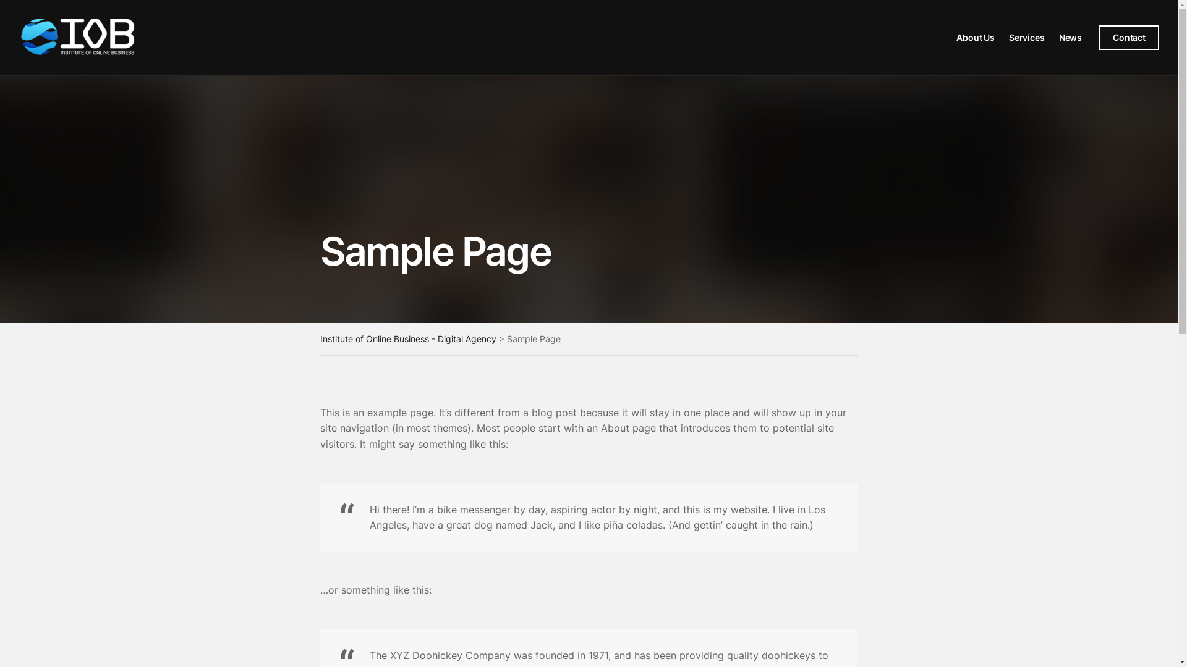  What do you see at coordinates (1070, 37) in the screenshot?
I see `'News'` at bounding box center [1070, 37].